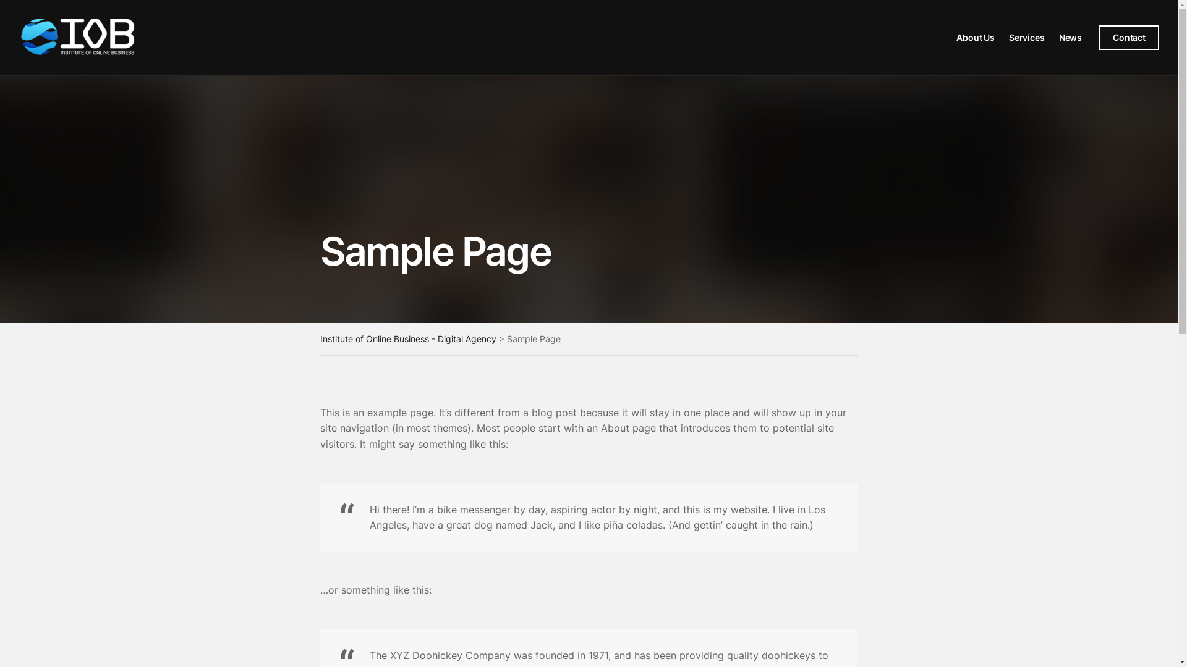  What do you see at coordinates (1070, 37) in the screenshot?
I see `'News'` at bounding box center [1070, 37].